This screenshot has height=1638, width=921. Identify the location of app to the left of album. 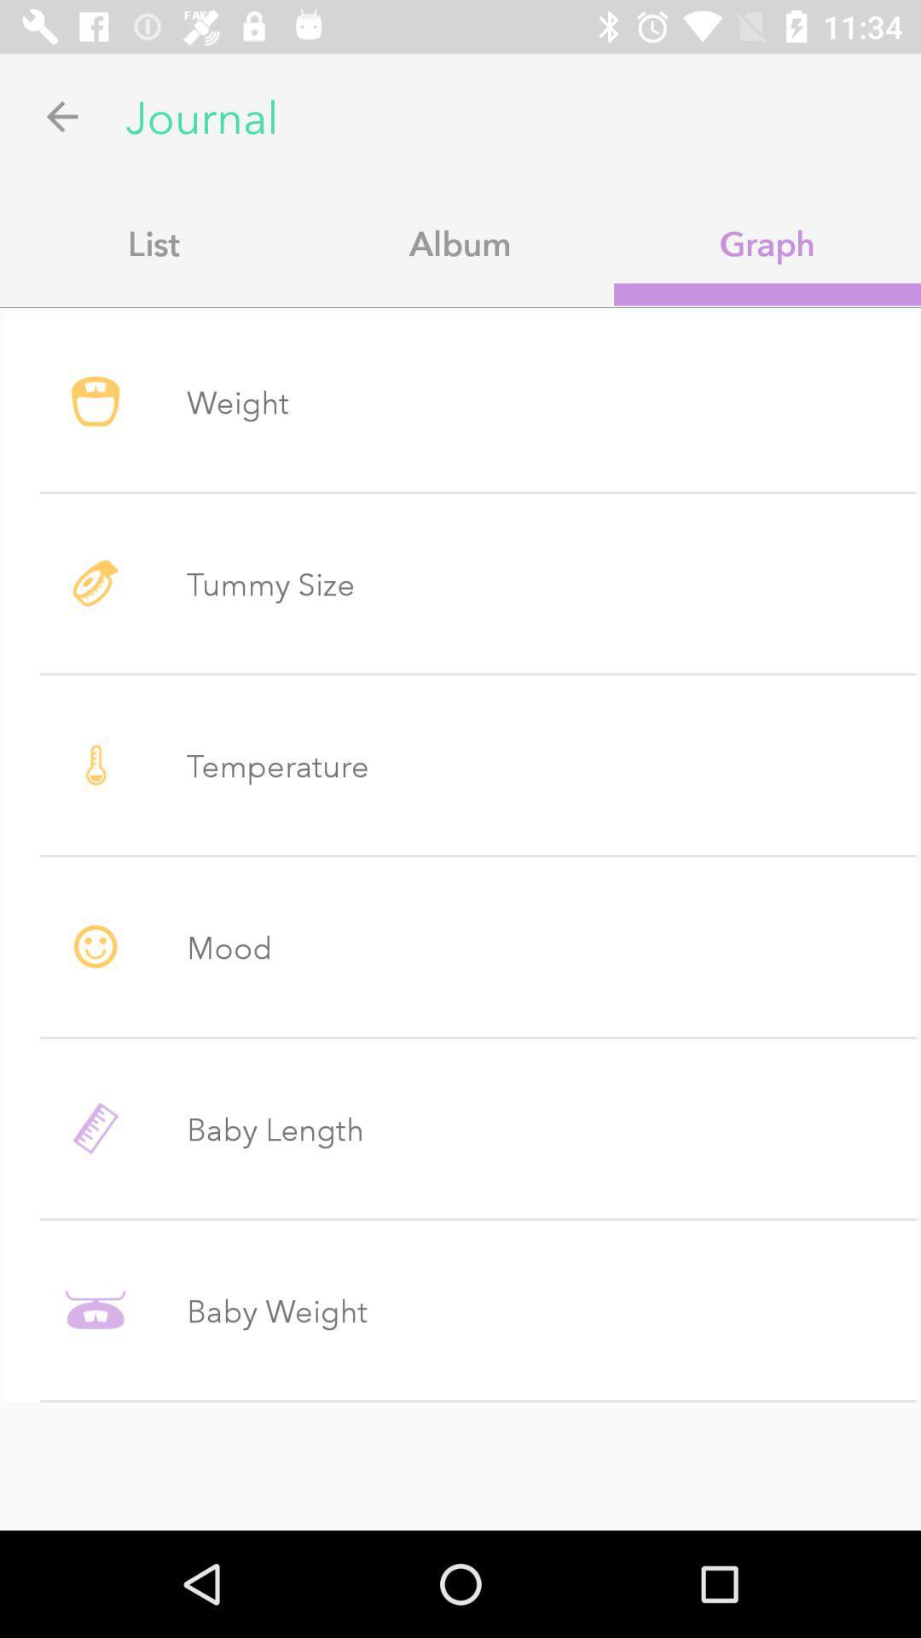
(153, 242).